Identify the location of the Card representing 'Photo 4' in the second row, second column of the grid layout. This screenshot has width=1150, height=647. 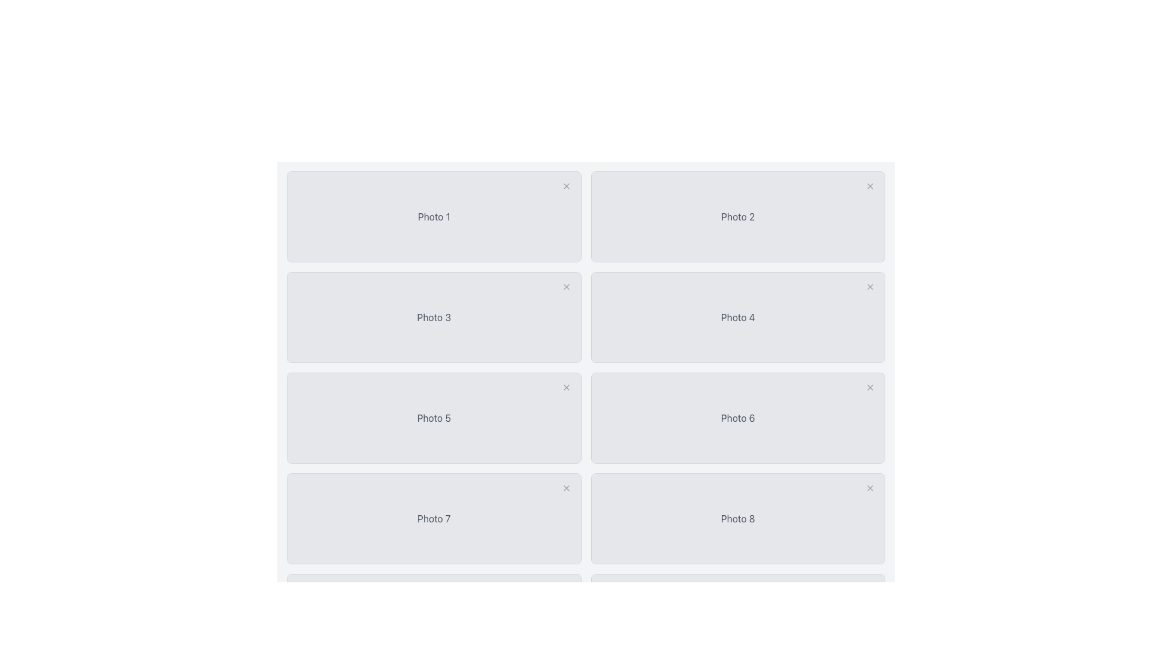
(737, 316).